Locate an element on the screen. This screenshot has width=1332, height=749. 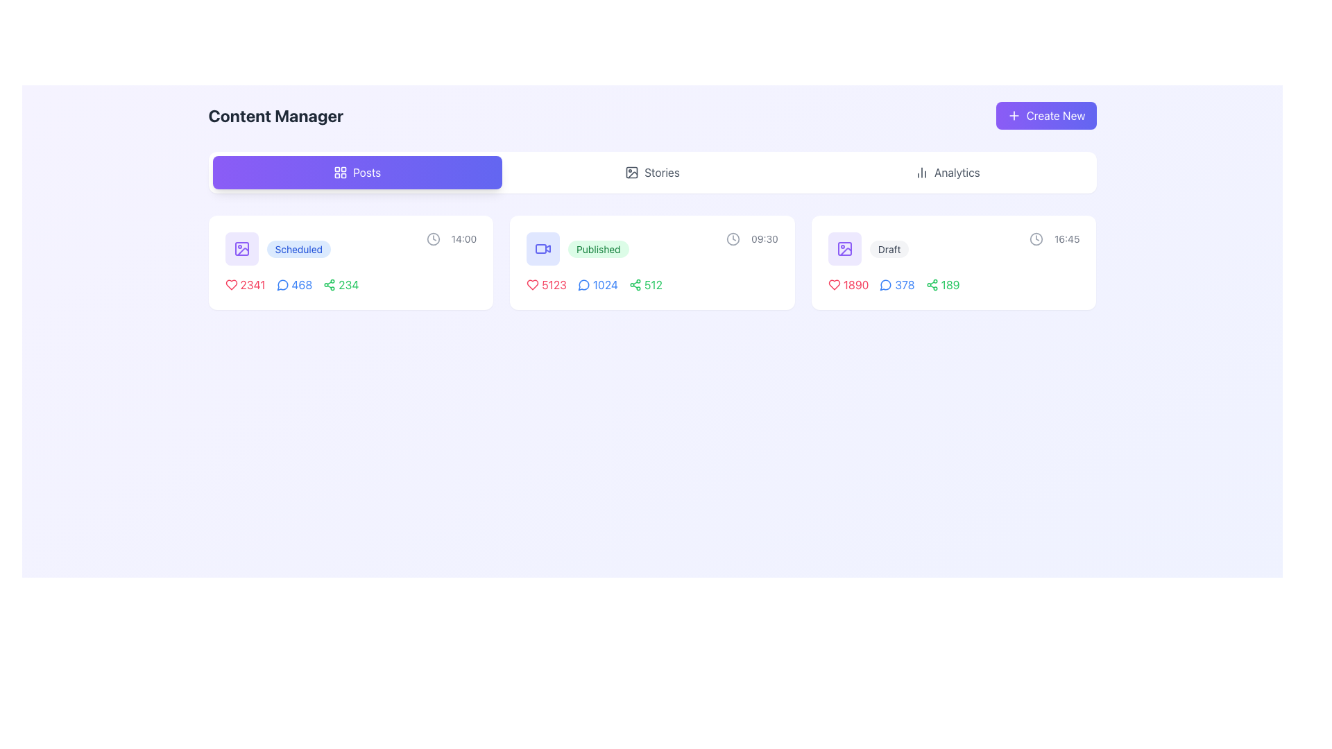
the Analytics icon located on the right side of the main navigation bar, which serves as a navigation target for the Analytics section is located at coordinates (921, 172).